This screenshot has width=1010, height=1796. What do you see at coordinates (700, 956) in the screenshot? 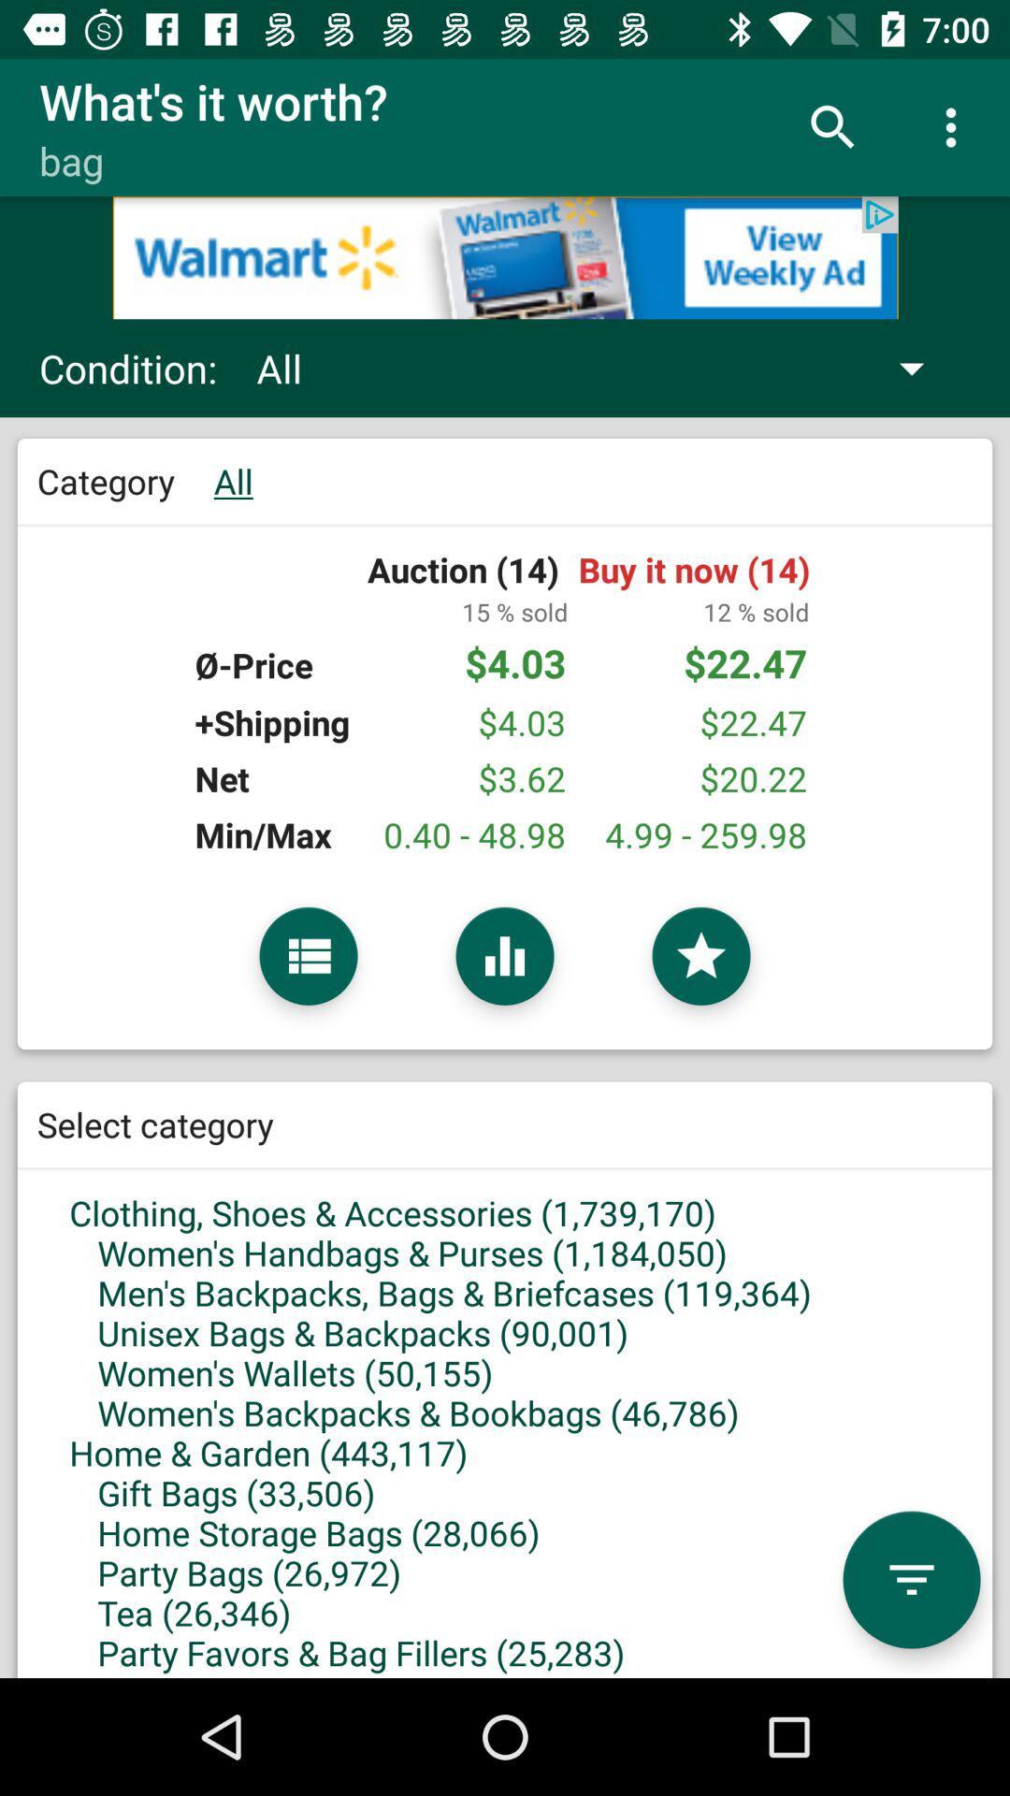
I see `to mark it favorite` at bounding box center [700, 956].